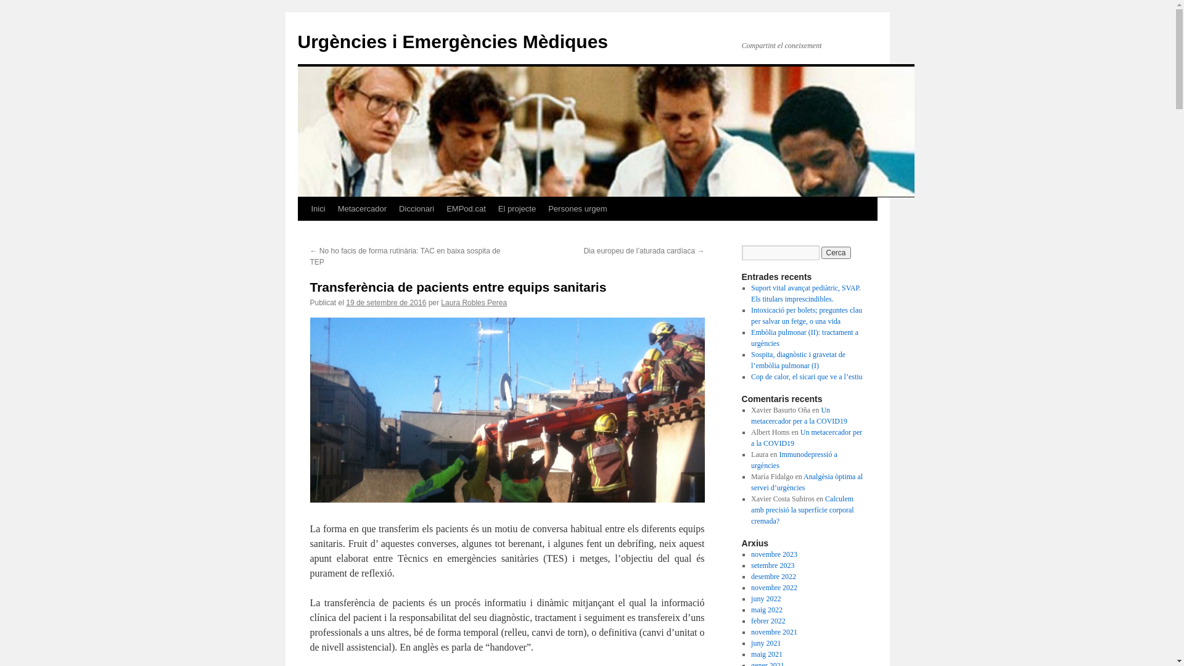  Describe the element at coordinates (577, 208) in the screenshot. I see `'Persones urgem'` at that location.